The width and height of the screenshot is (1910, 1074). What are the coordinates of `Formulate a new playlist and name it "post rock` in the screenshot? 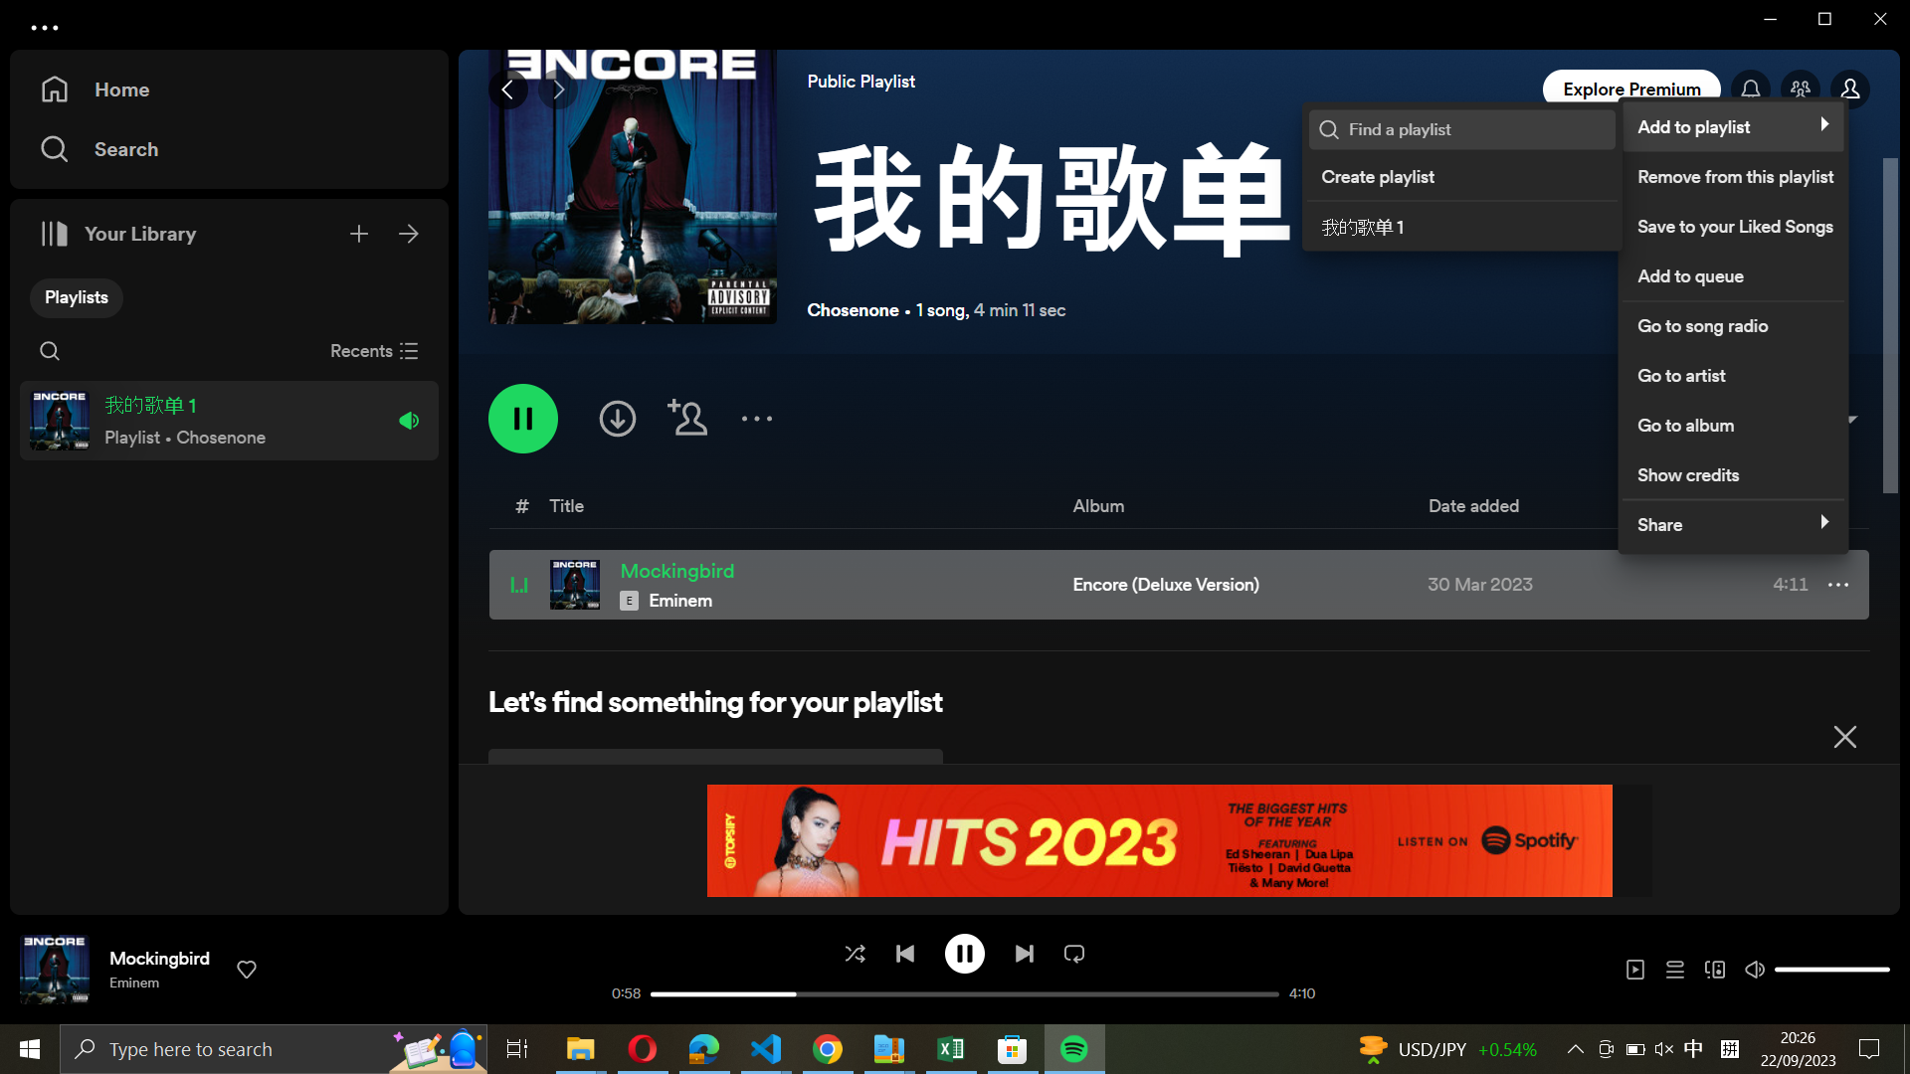 It's located at (1460, 172).